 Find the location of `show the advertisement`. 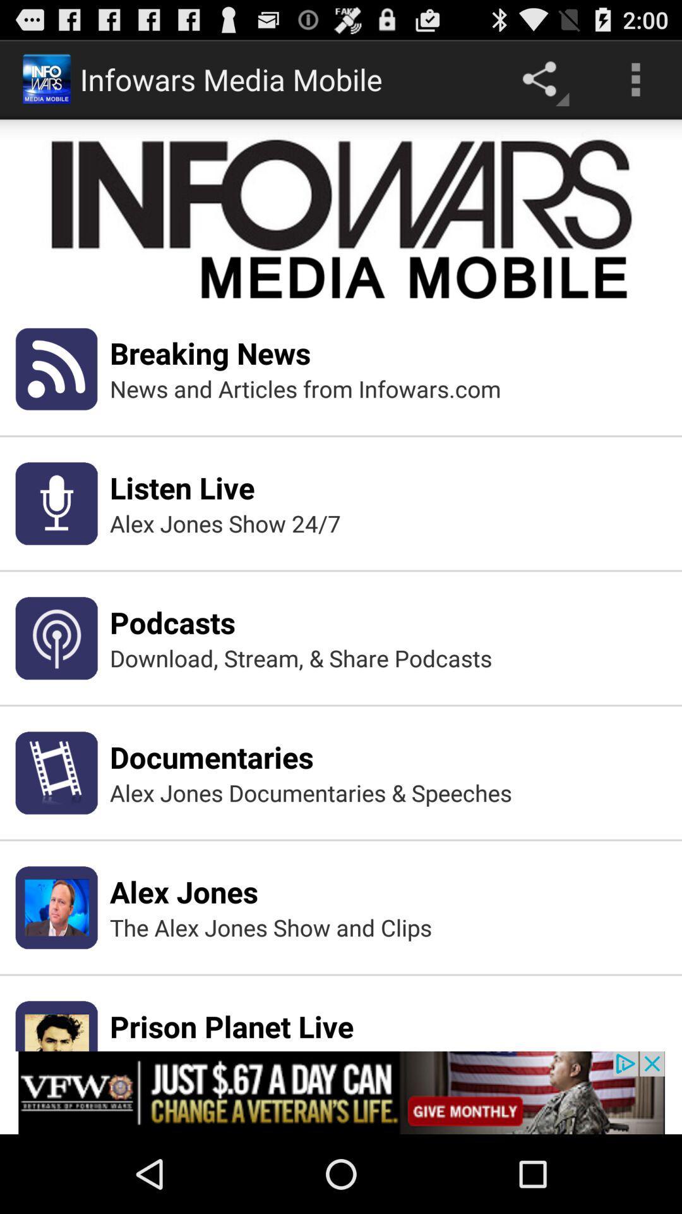

show the advertisement is located at coordinates (341, 1092).